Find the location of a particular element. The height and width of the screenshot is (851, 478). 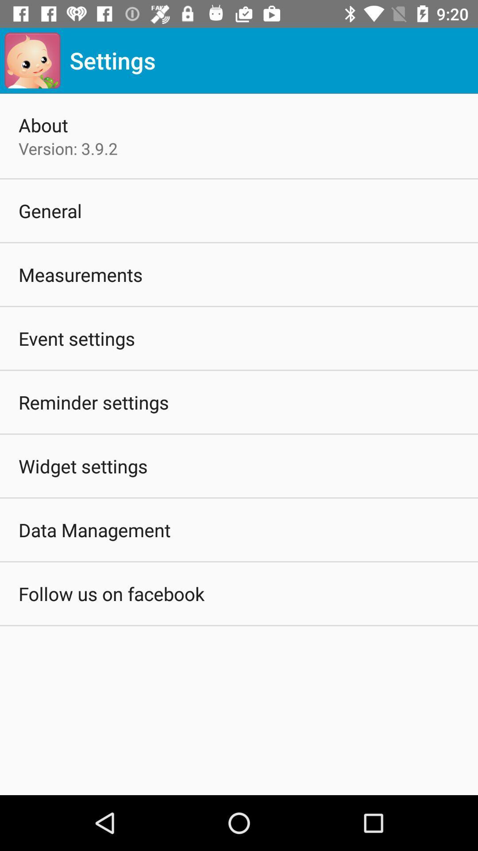

data management item is located at coordinates (94, 530).